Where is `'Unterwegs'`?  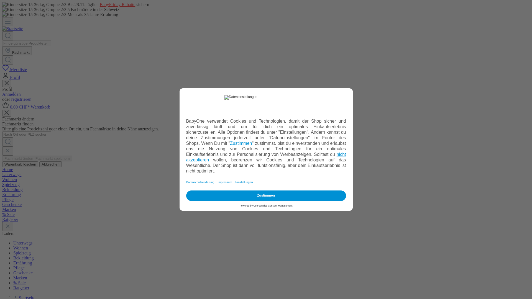 'Unterwegs' is located at coordinates (13, 243).